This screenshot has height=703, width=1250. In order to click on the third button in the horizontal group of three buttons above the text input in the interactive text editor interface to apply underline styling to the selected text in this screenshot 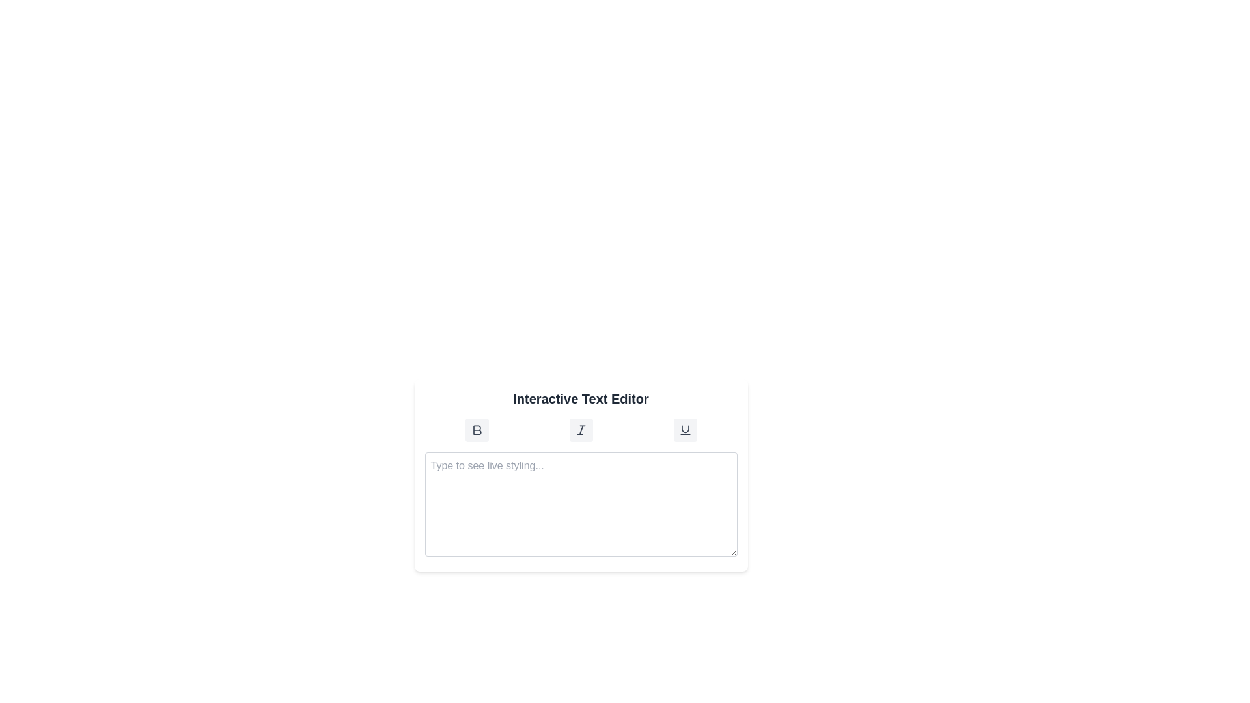, I will do `click(684, 430)`.